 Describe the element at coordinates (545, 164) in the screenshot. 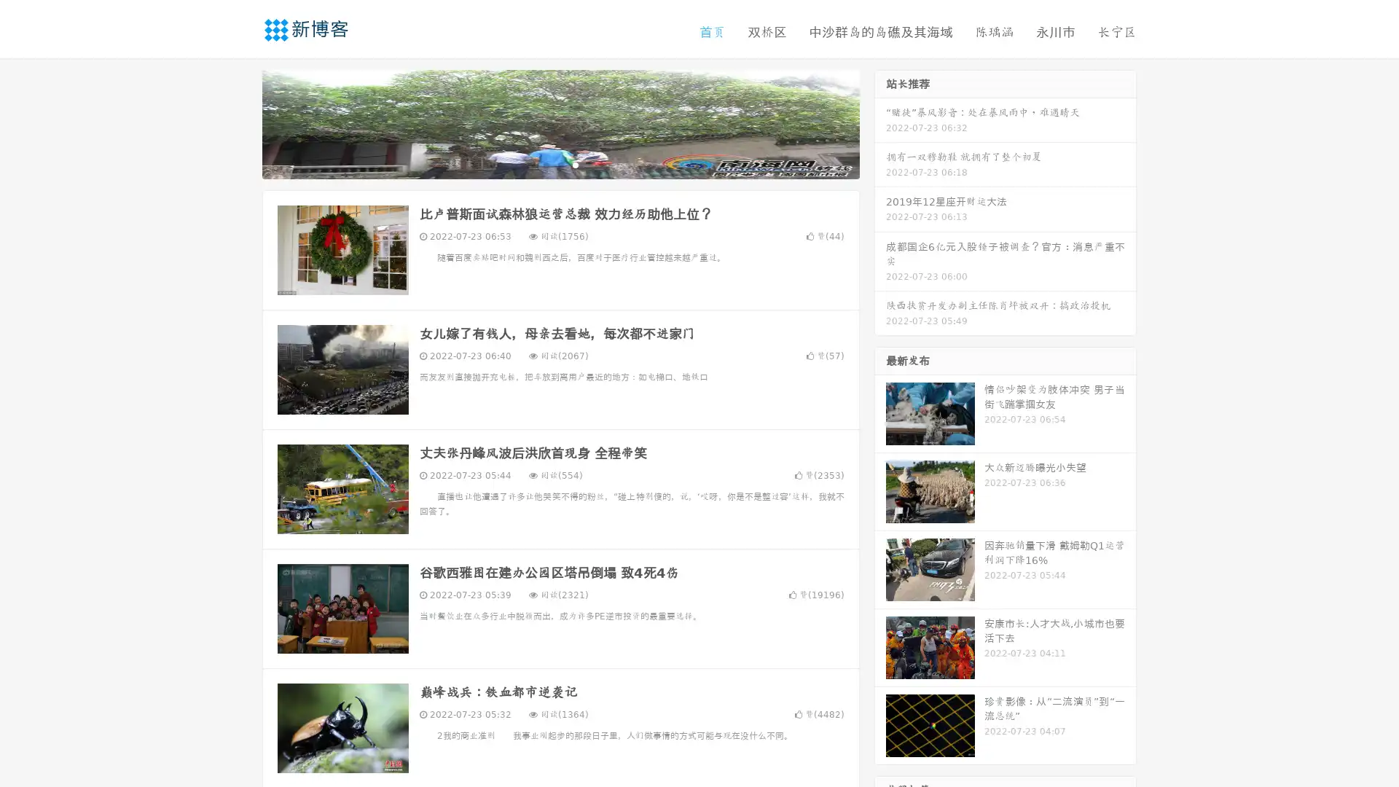

I see `Go to slide 1` at that location.